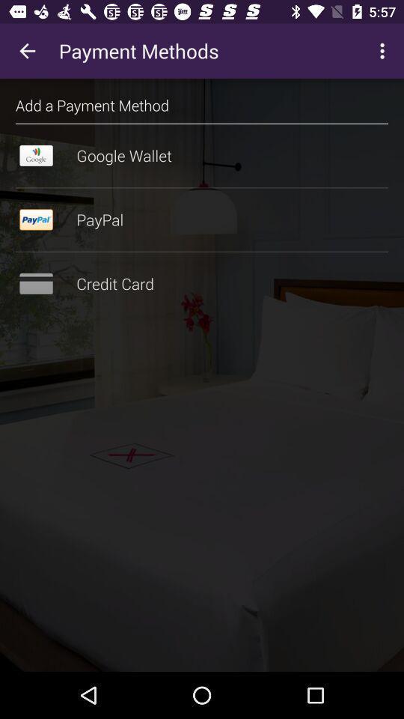  What do you see at coordinates (384, 51) in the screenshot?
I see `the icon at the top right corner` at bounding box center [384, 51].